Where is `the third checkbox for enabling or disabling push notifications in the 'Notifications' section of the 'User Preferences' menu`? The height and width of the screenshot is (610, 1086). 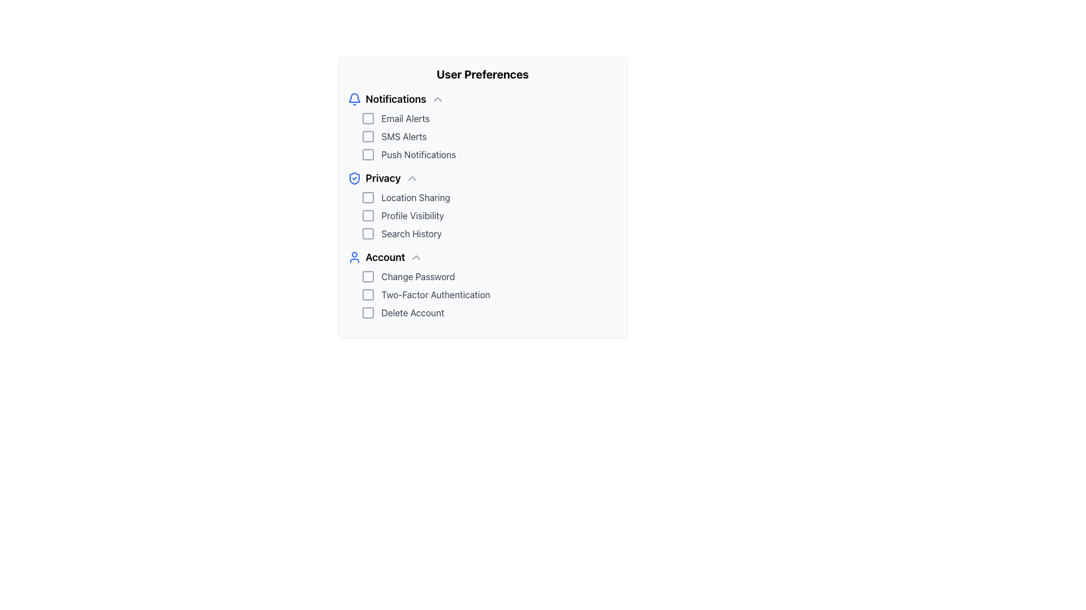 the third checkbox for enabling or disabling push notifications in the 'Notifications' section of the 'User Preferences' menu is located at coordinates (368, 154).